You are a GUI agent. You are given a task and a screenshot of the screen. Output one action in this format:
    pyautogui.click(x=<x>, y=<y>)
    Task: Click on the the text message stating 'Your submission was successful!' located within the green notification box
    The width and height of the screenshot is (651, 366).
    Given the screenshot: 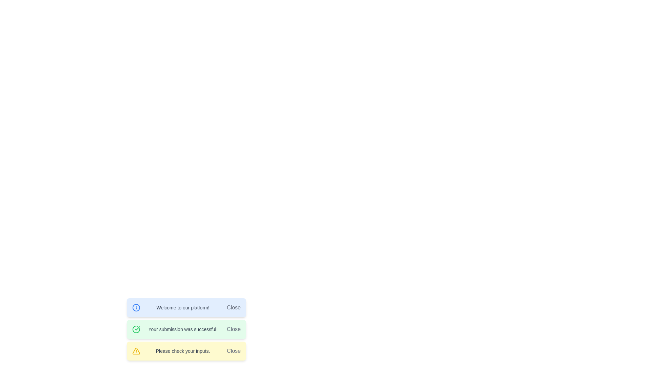 What is the action you would take?
    pyautogui.click(x=183, y=329)
    